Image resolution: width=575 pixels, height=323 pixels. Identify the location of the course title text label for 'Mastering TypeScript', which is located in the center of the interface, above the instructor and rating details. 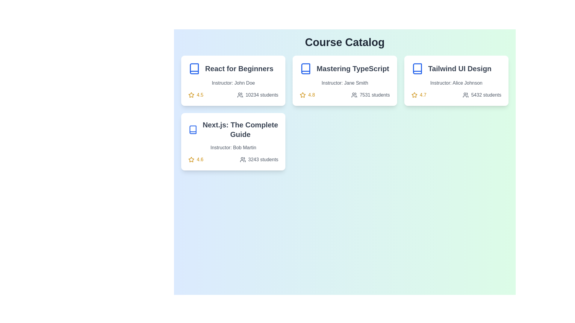
(345, 68).